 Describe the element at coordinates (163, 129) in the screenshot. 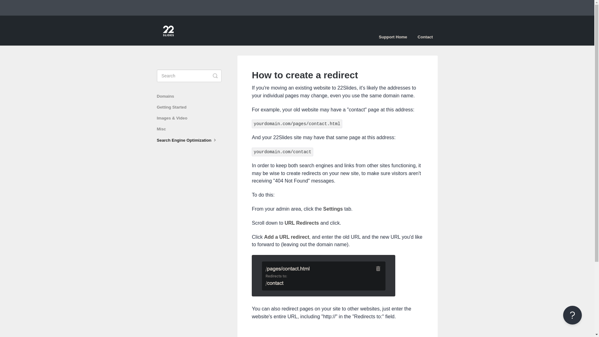

I see `'Misc'` at that location.